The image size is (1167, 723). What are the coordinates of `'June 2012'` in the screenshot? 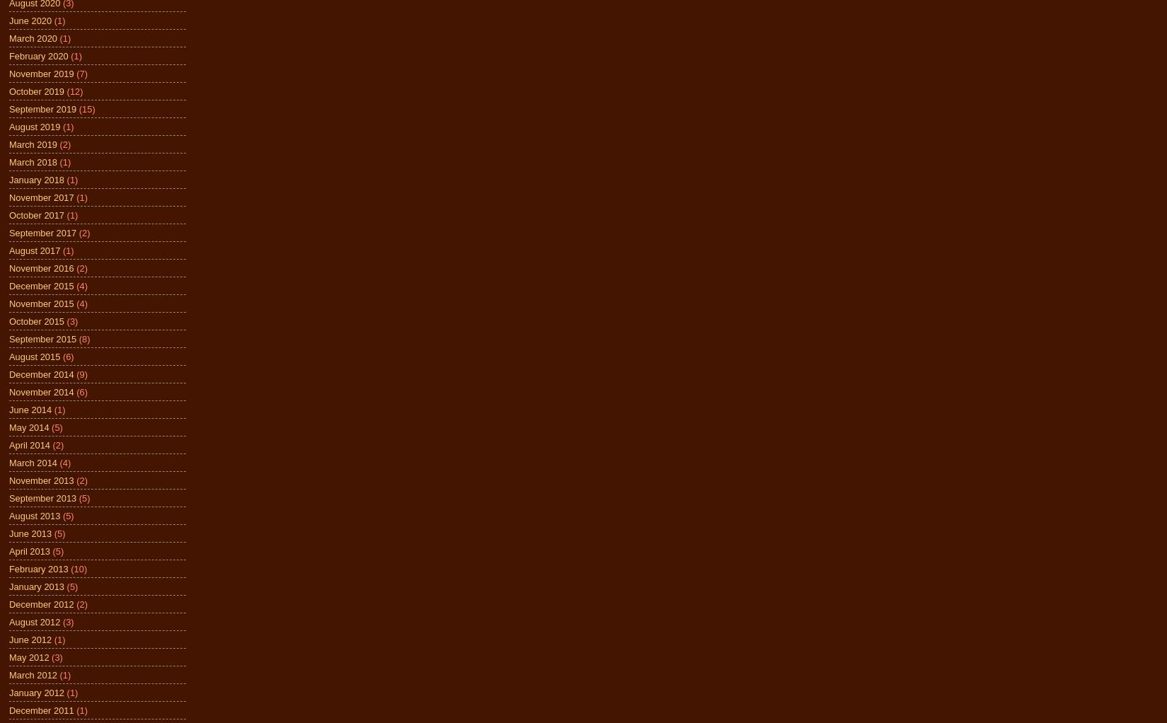 It's located at (30, 638).